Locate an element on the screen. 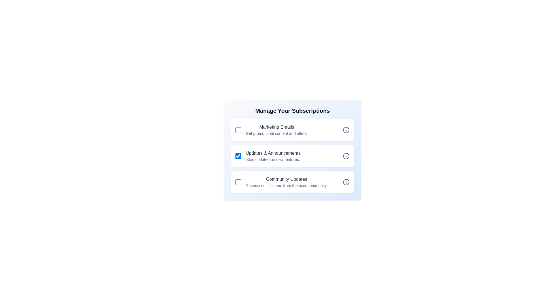 The height and width of the screenshot is (306, 544). the checkbox for 'Updates & Announcements' to toggle its state is located at coordinates (238, 156).